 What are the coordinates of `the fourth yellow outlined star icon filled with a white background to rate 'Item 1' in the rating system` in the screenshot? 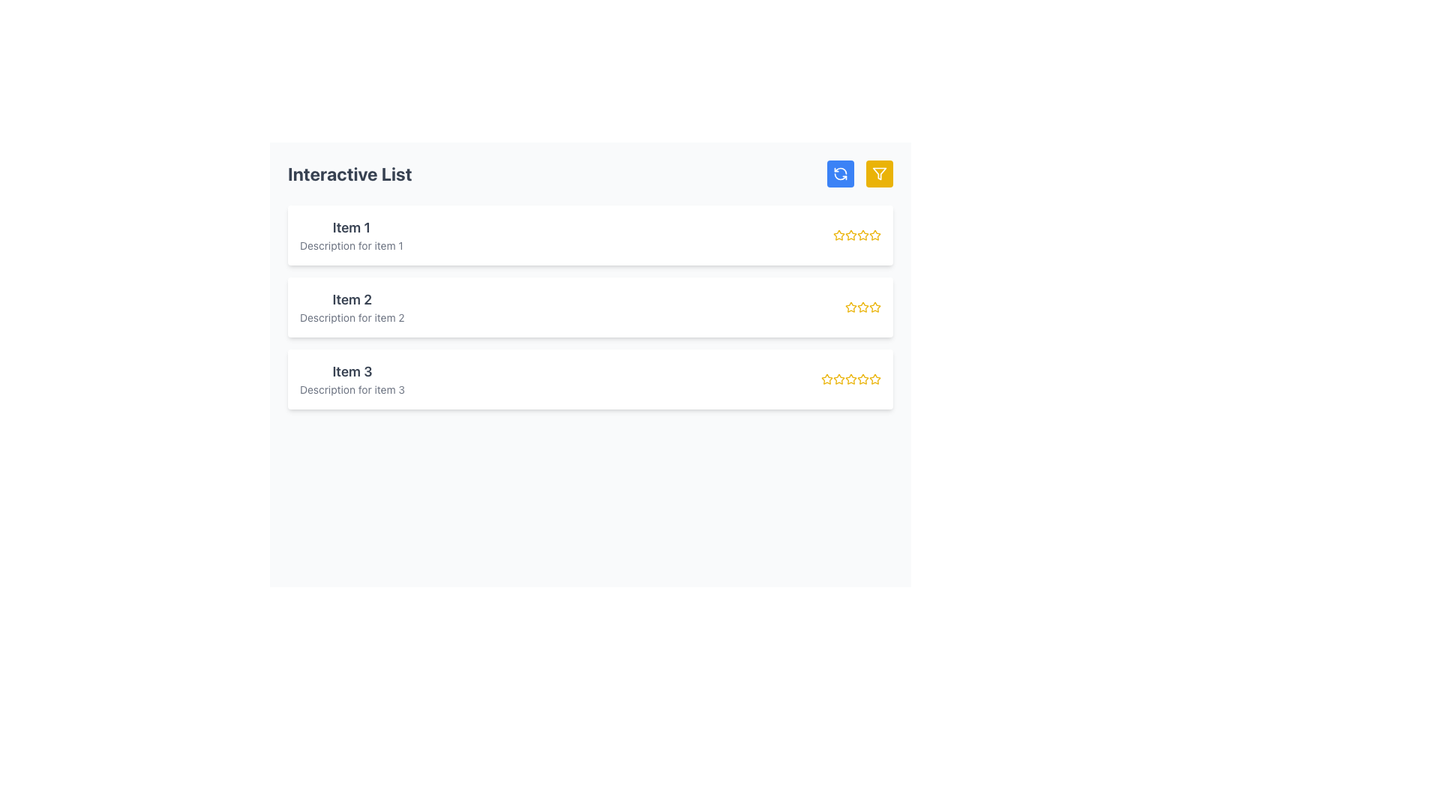 It's located at (863, 235).